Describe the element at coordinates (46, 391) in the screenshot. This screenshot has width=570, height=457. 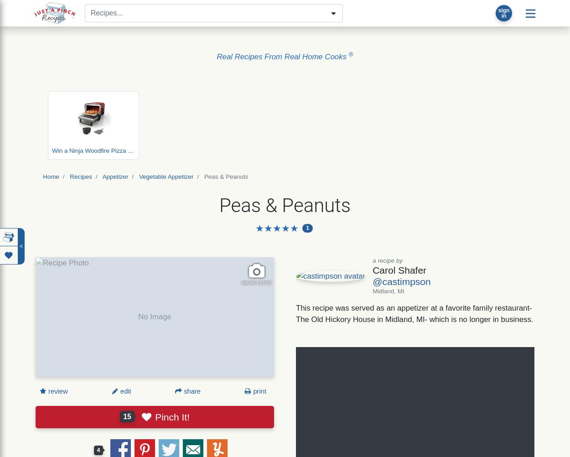
I see `'review'` at that location.